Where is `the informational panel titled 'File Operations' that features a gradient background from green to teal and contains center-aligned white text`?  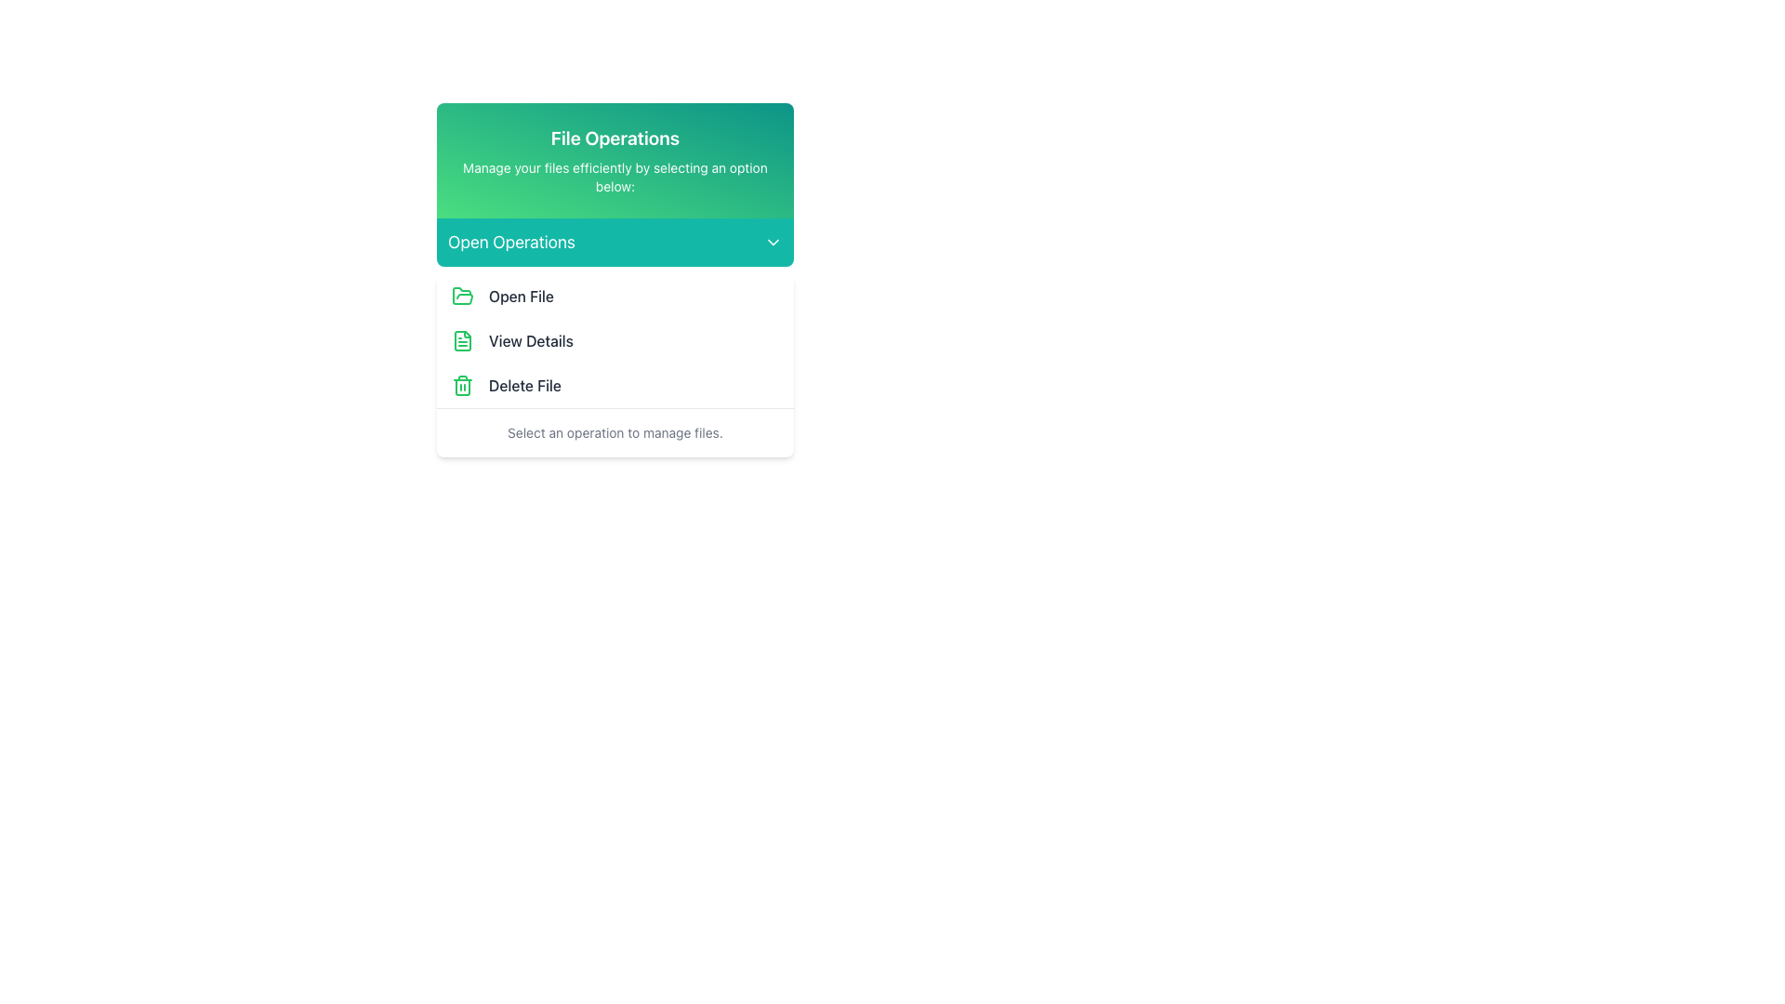 the informational panel titled 'File Operations' that features a gradient background from green to teal and contains center-aligned white text is located at coordinates (615, 160).